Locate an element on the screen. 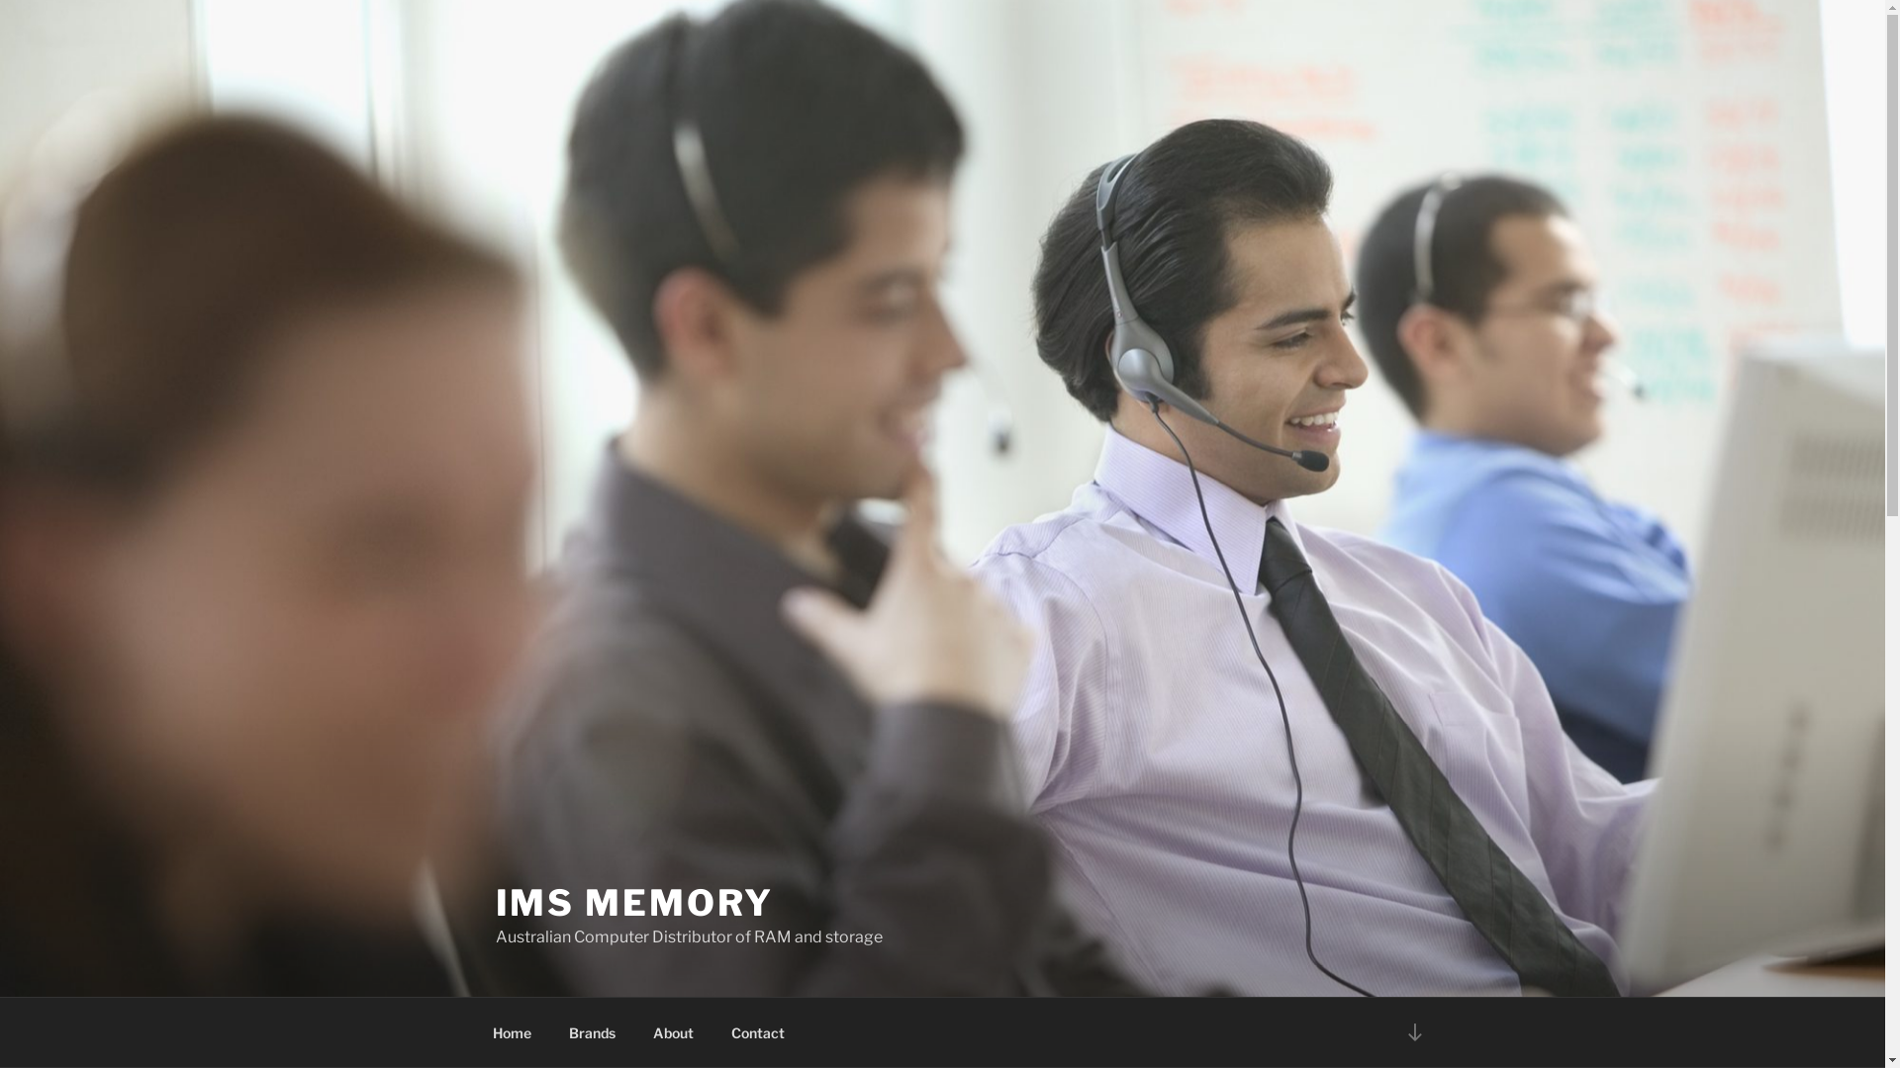 This screenshot has height=1068, width=1900. 'Brands' is located at coordinates (592, 1031).